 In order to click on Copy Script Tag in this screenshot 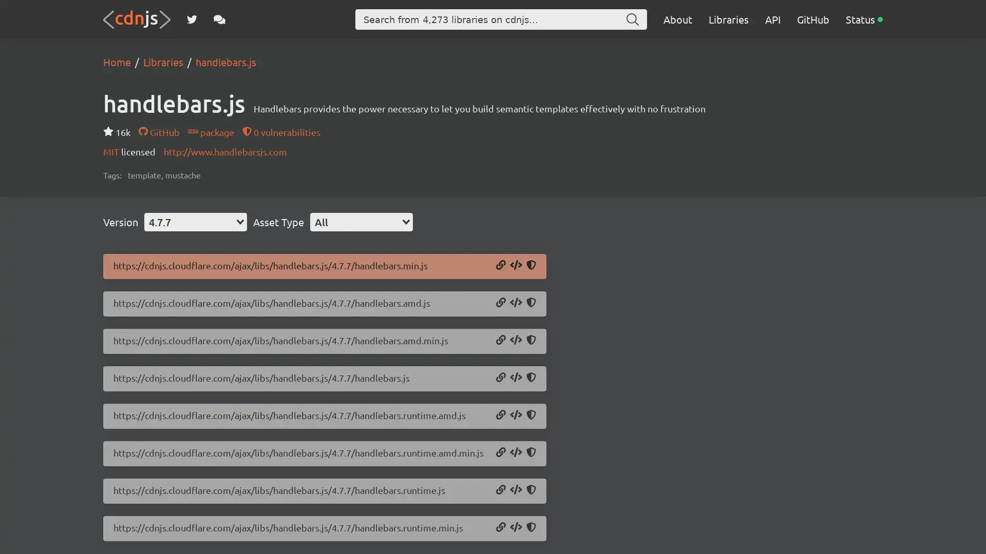, I will do `click(516, 303)`.